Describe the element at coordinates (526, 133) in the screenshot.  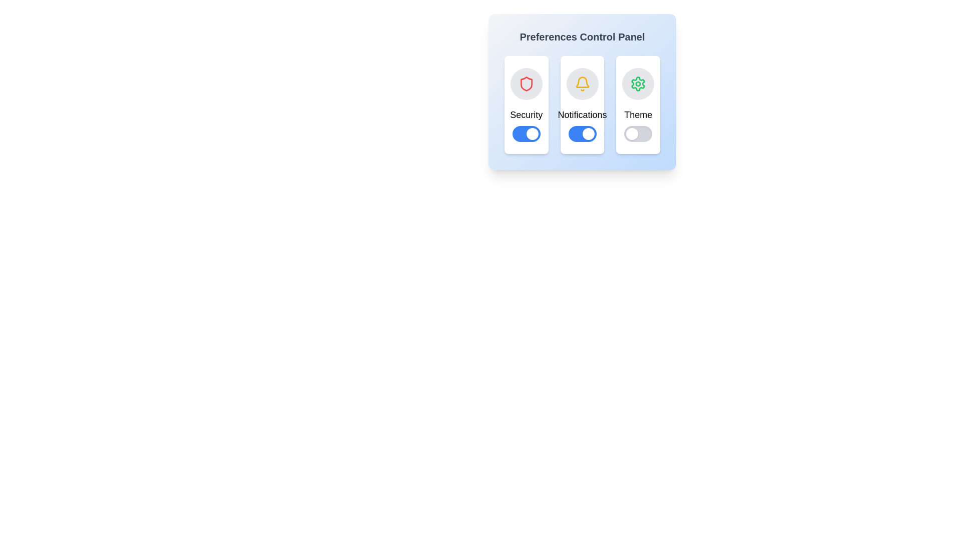
I see `the Security toggle button to change its state` at that location.